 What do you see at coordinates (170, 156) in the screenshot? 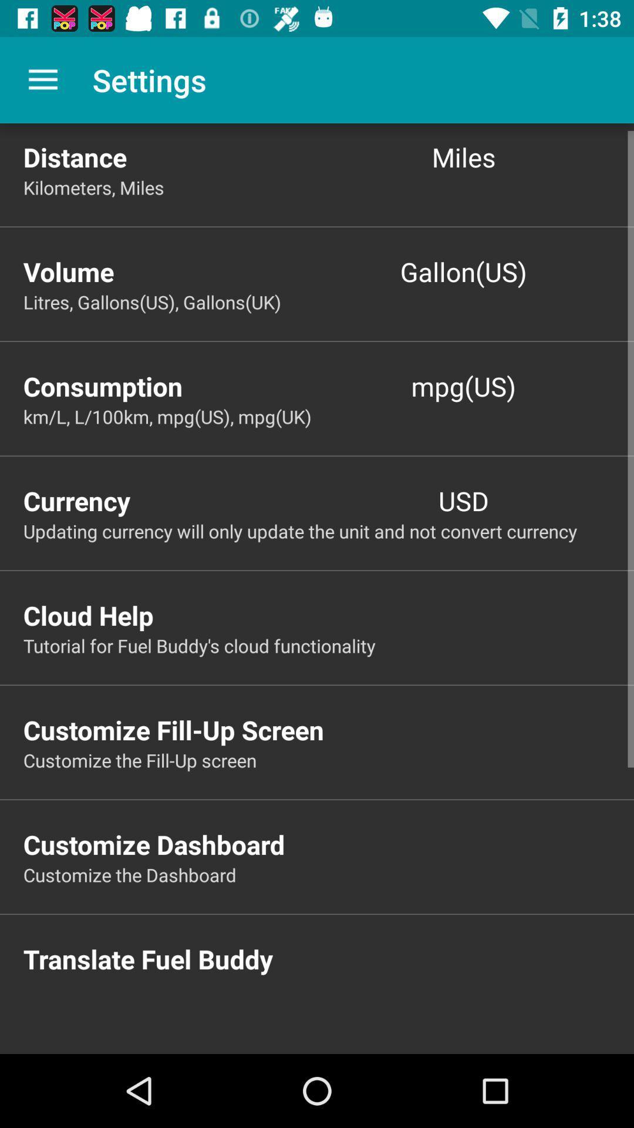
I see `icon to the left of miles icon` at bounding box center [170, 156].